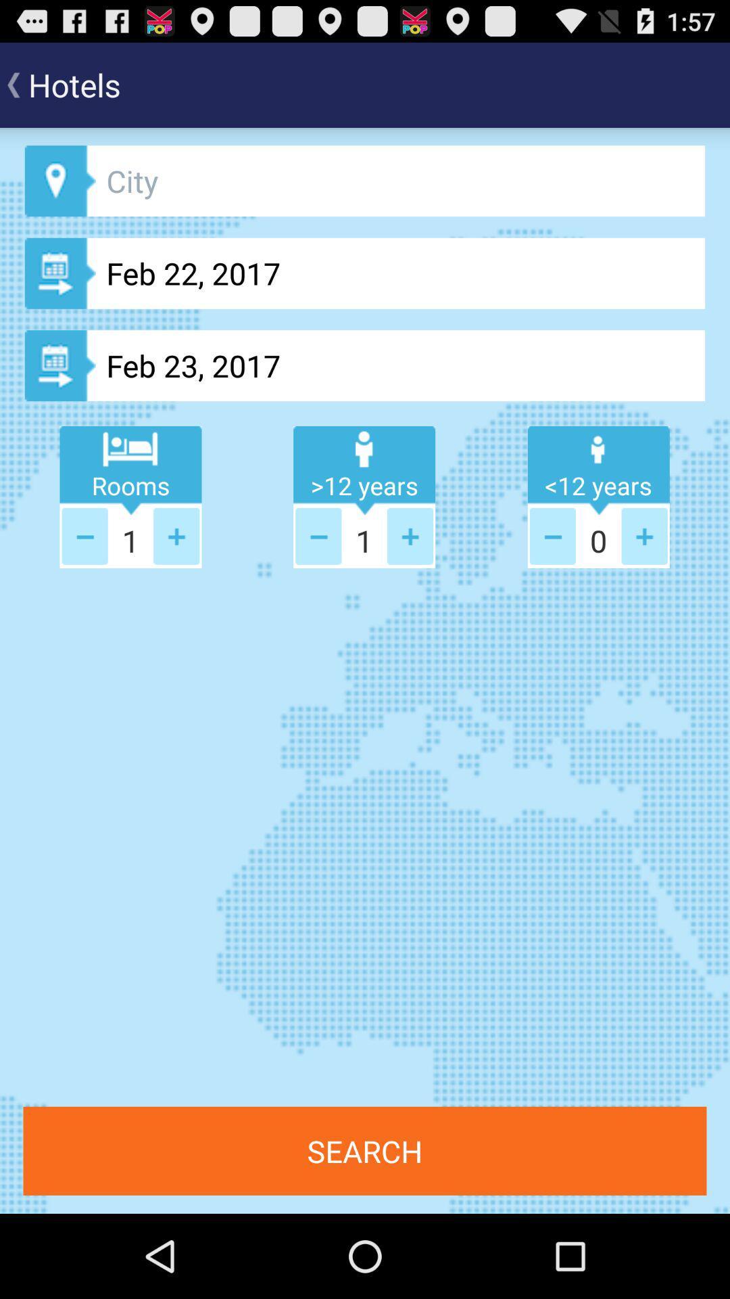  I want to click on the add icon, so click(643, 574).